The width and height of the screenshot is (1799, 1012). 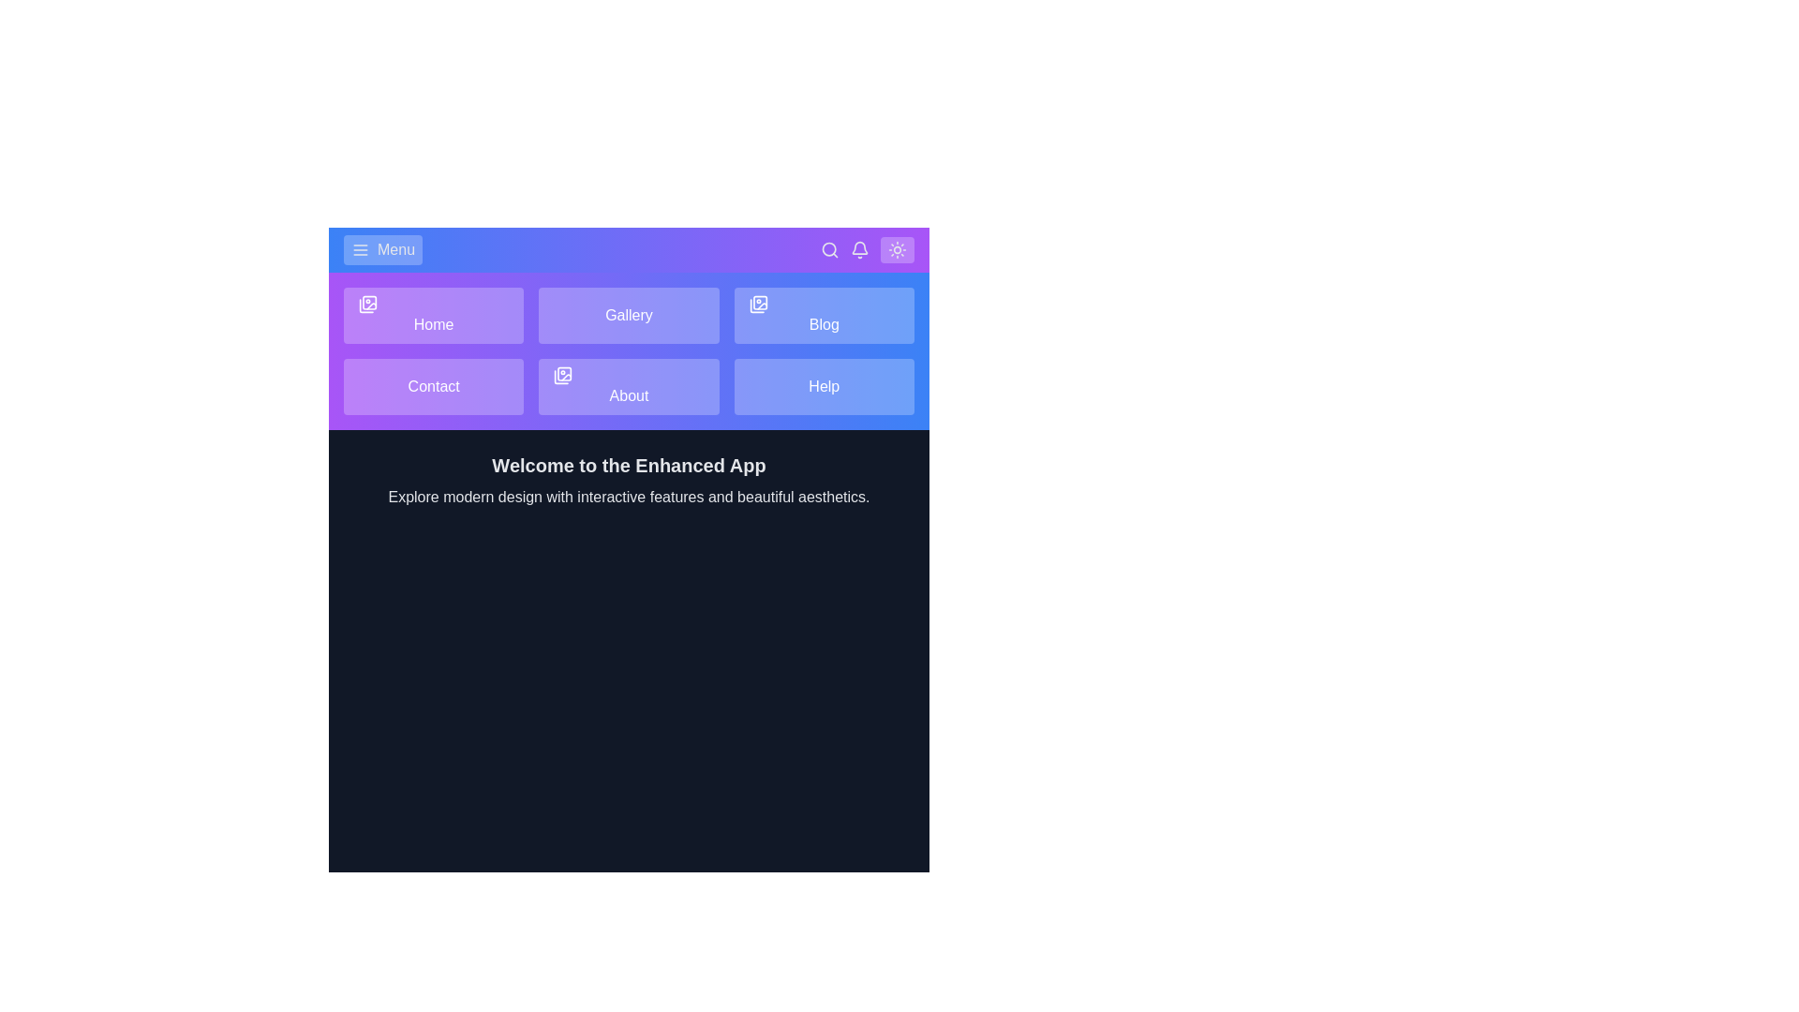 I want to click on the light/dark mode toggle button to switch between light and dark mode, so click(x=897, y=248).